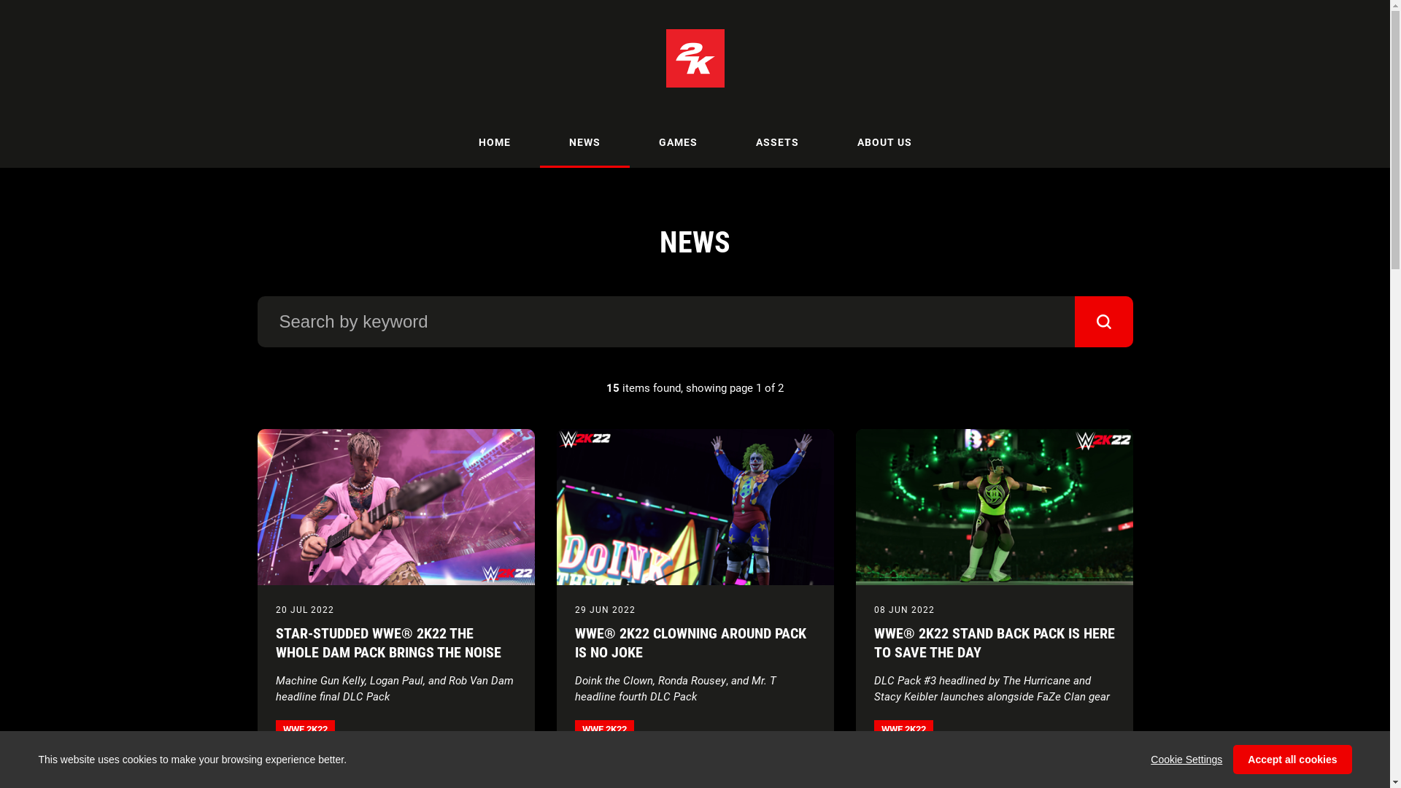  I want to click on 'Accept all cookies', so click(1292, 759).